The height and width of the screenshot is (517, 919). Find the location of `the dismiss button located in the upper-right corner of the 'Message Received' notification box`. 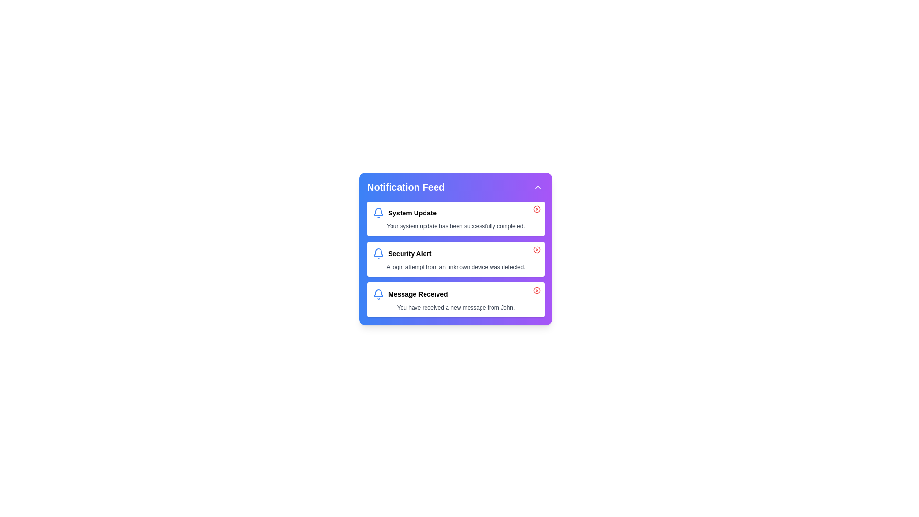

the dismiss button located in the upper-right corner of the 'Message Received' notification box is located at coordinates (537, 290).